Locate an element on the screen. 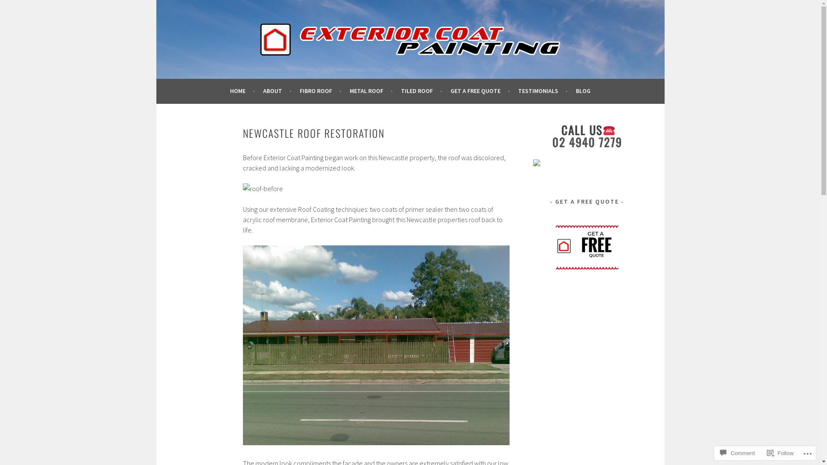  'Follow' is located at coordinates (780, 453).